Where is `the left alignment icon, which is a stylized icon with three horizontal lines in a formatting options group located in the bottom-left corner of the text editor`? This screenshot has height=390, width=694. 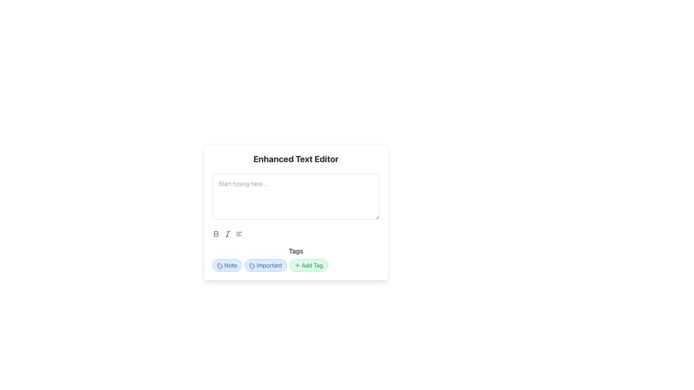 the left alignment icon, which is a stylized icon with three horizontal lines in a formatting options group located in the bottom-left corner of the text editor is located at coordinates (239, 234).